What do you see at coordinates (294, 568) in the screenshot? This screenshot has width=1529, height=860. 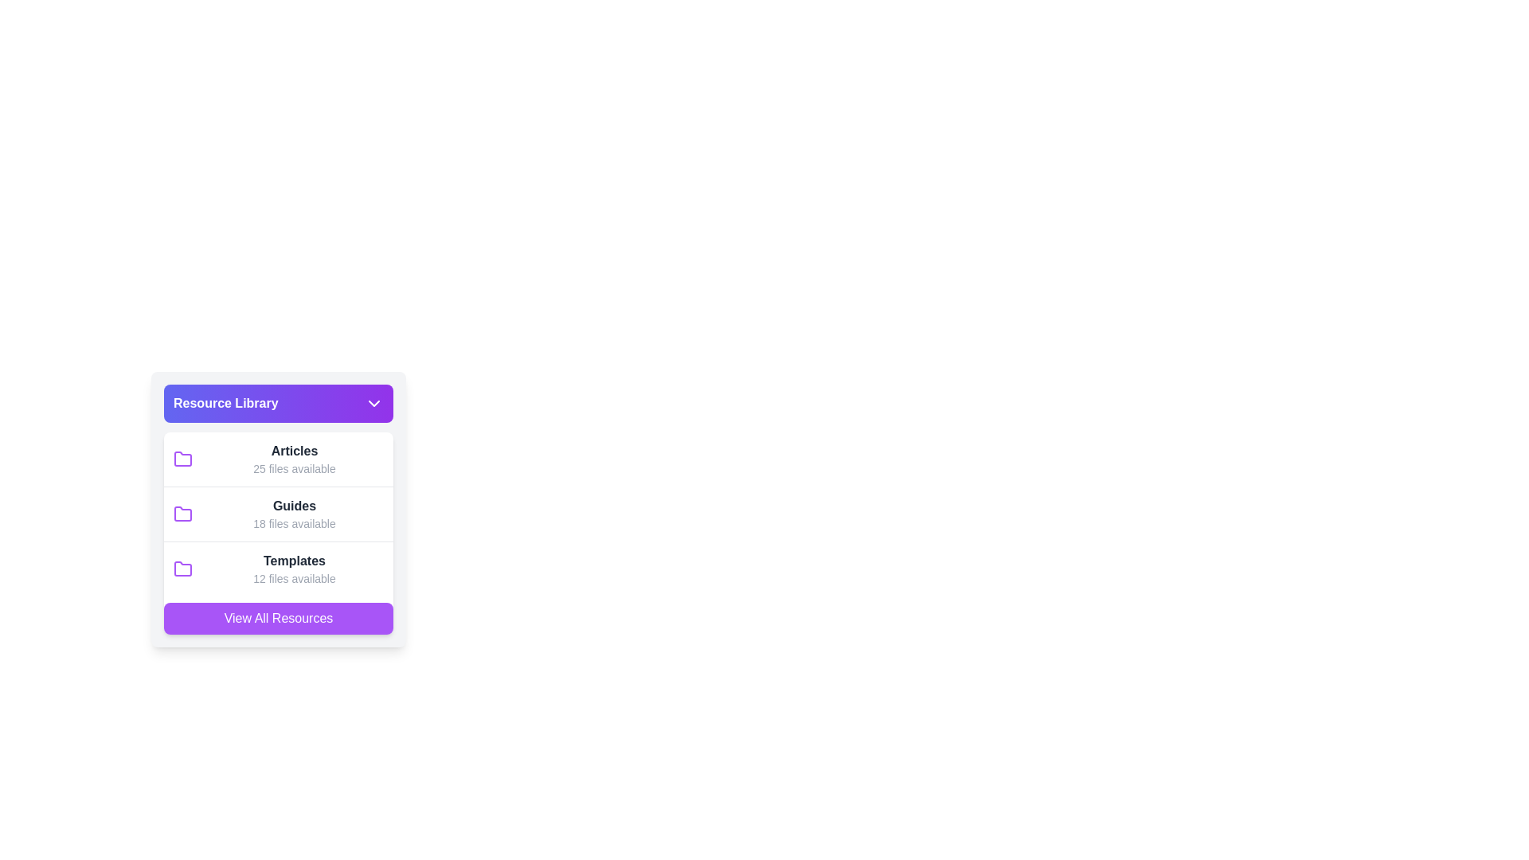 I see `text of the header and description for the 'Templates' files category, which indicates the number of available files in this section. This element is positioned as the third entry in a vertical list within the 'Resource Library' card structure, below 'Articles' and 'Guides'` at bounding box center [294, 568].